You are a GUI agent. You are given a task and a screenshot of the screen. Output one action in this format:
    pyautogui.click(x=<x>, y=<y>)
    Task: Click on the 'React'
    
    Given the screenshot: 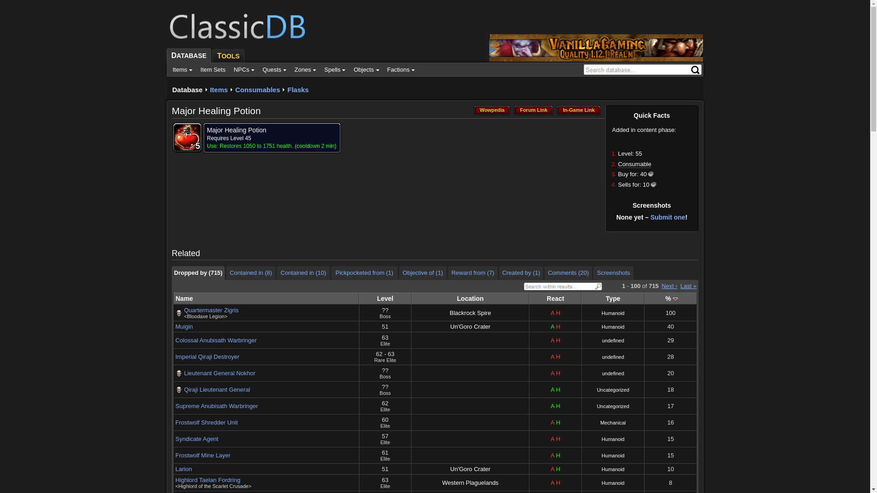 What is the action you would take?
    pyautogui.click(x=530, y=299)
    